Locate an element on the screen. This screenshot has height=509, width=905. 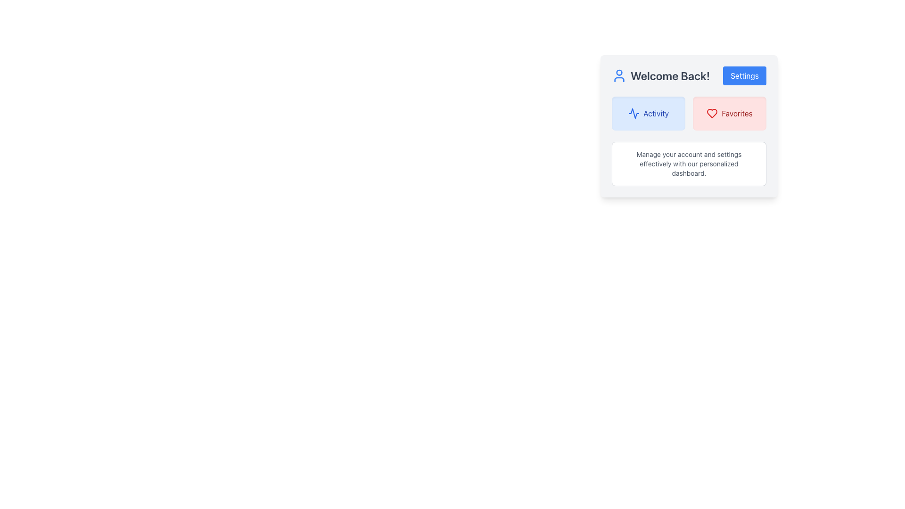
the 'Favorites' button, which is the right section of the interactive buttons group is located at coordinates (689, 113).